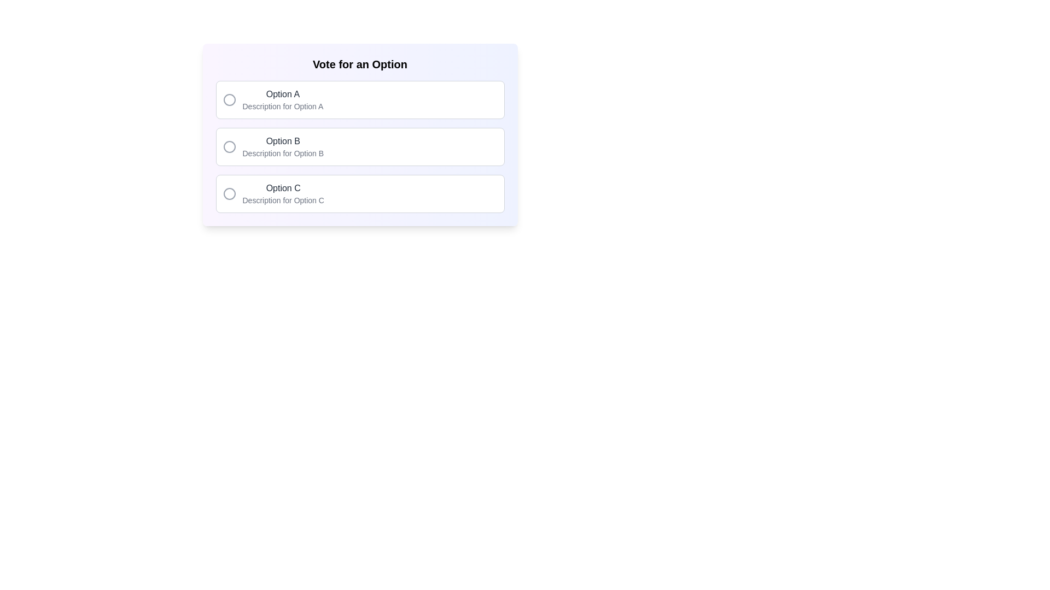  Describe the element at coordinates (283, 154) in the screenshot. I see `the text field displaying 'Description for Option B', which is styled in light gray and located below the label 'Option B'` at that location.